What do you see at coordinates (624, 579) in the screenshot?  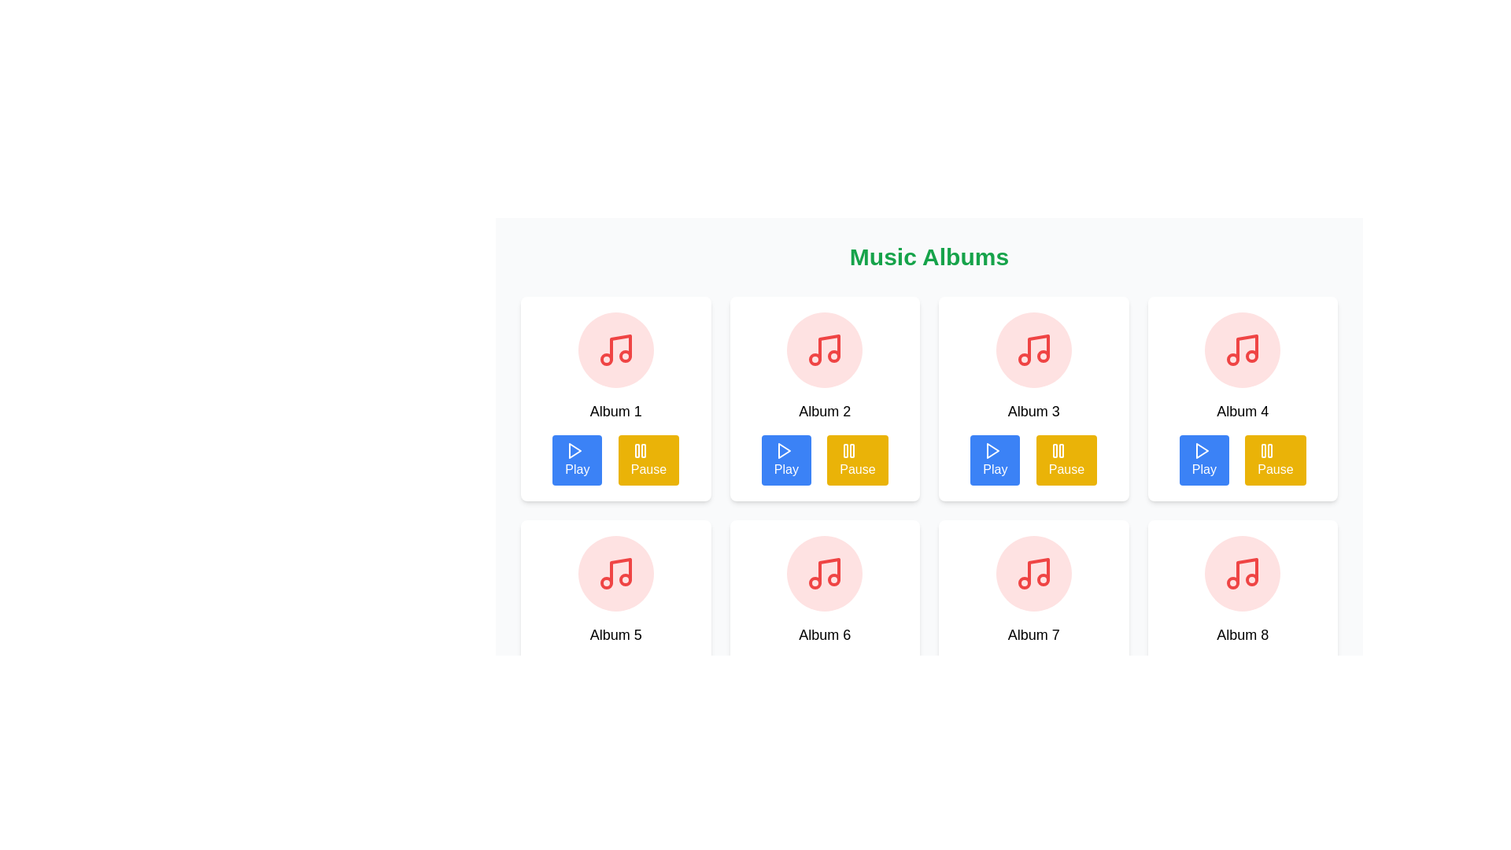 I see `the small red circular component located in the bottom right corner of the music note icon, which is embedded in a pink circular background of the fifth card in the 'Music Albums' grid layout` at bounding box center [624, 579].